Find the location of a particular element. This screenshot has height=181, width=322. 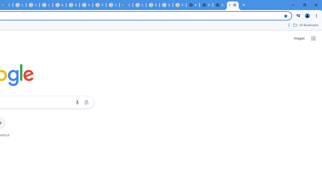

'Google Cloud Estimate Summary' is located at coordinates (126, 5).